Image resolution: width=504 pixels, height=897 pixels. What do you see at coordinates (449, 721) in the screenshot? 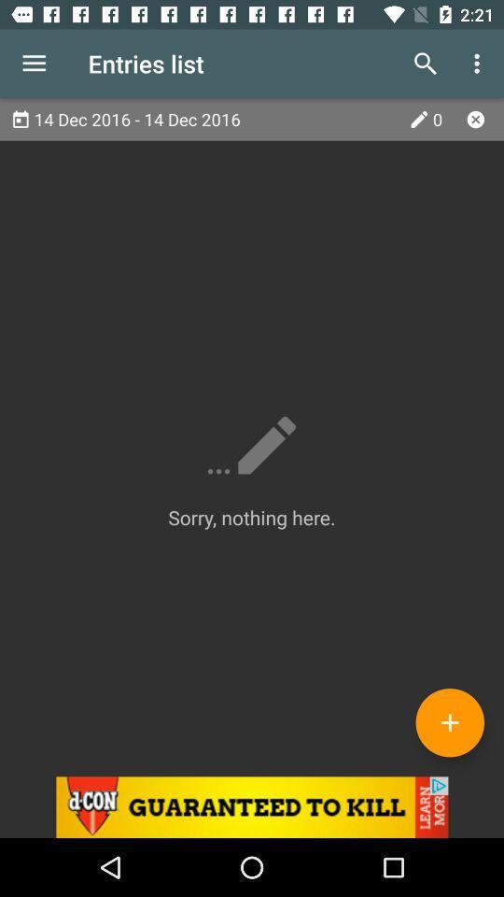
I see `increase` at bounding box center [449, 721].